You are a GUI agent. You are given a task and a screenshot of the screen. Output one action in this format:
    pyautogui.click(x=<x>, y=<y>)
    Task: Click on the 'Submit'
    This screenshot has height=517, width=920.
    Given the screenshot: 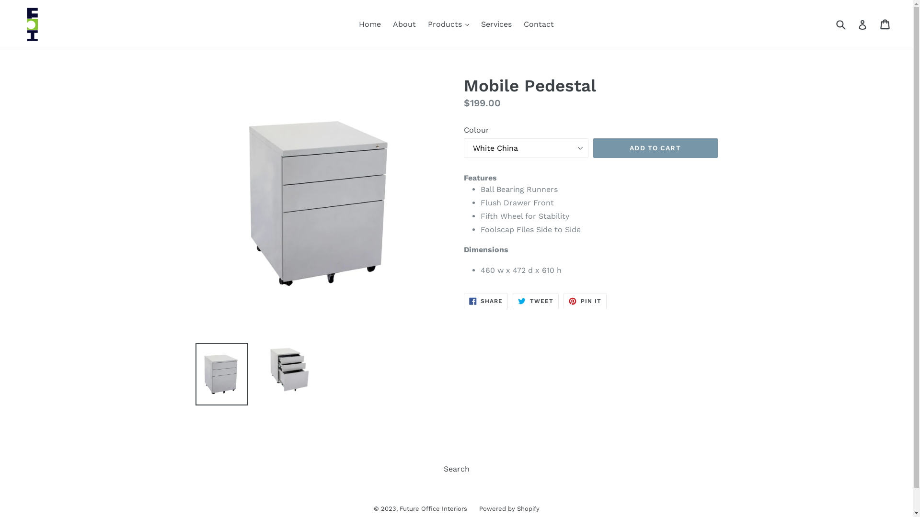 What is the action you would take?
    pyautogui.click(x=839, y=23)
    